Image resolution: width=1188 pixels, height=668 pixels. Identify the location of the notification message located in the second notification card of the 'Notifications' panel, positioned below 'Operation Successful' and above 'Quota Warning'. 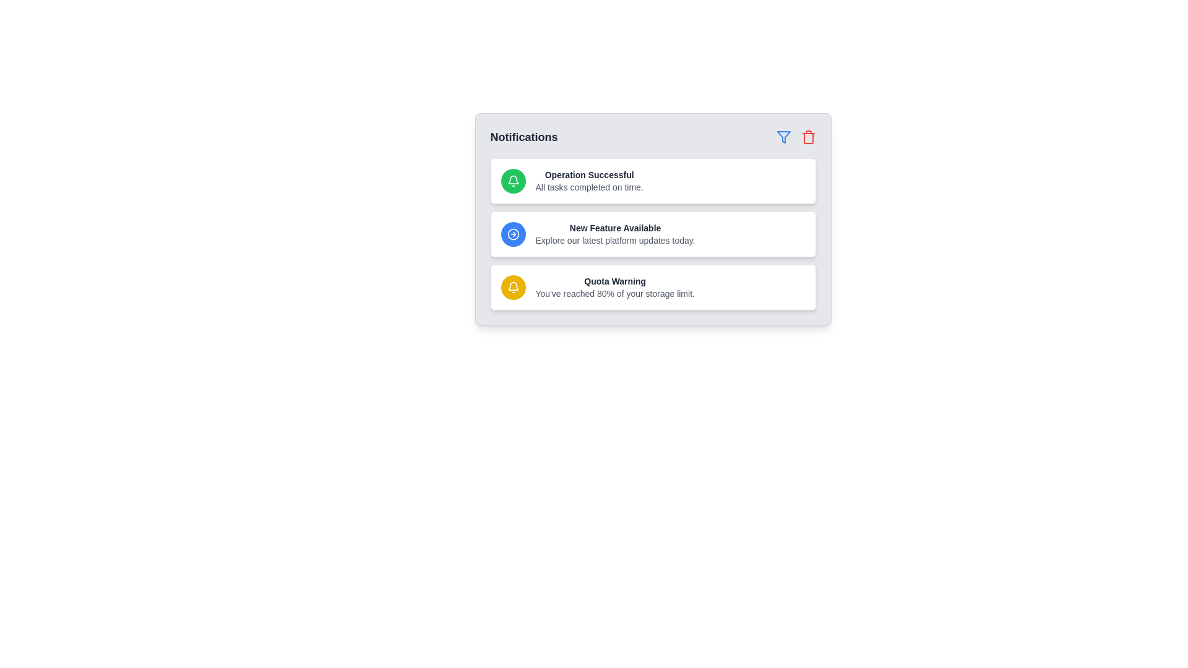
(615, 234).